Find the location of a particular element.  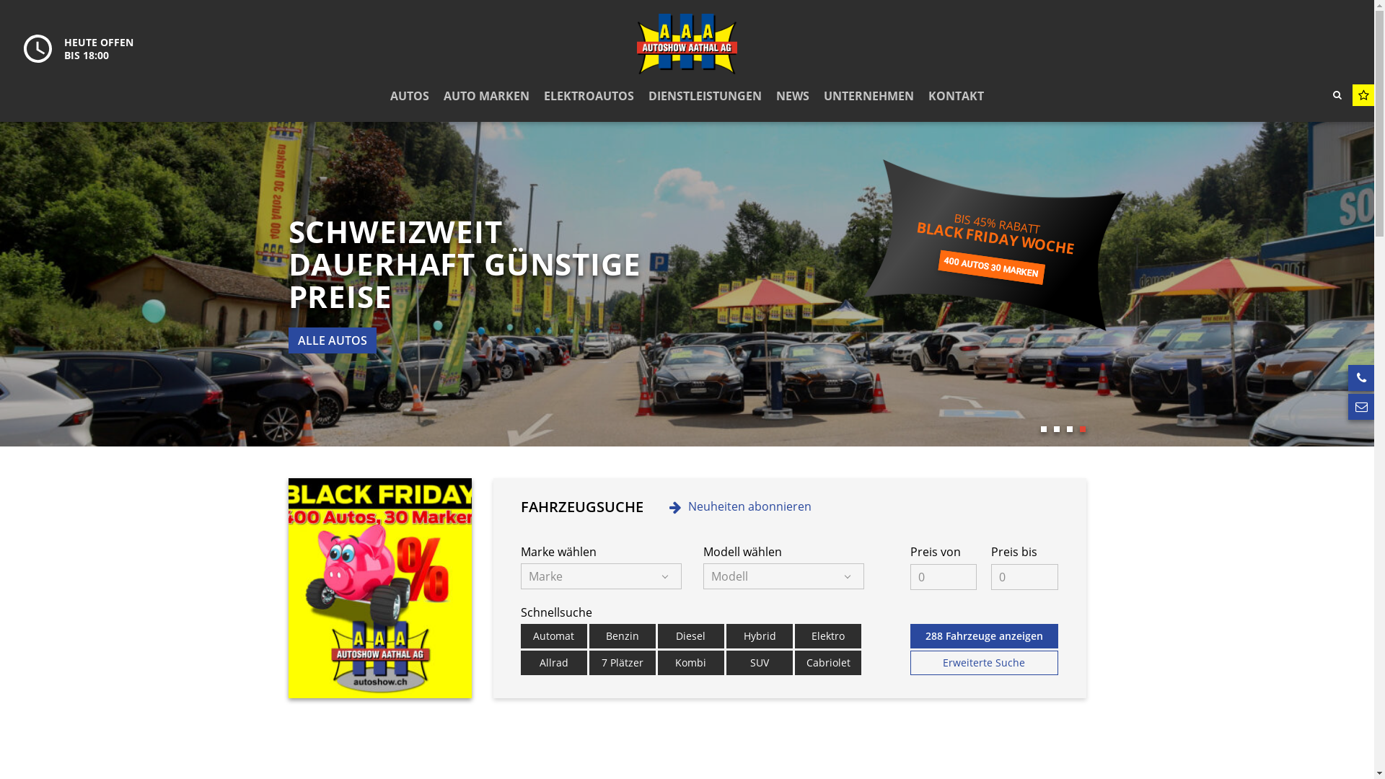

'NEWS' is located at coordinates (792, 96).